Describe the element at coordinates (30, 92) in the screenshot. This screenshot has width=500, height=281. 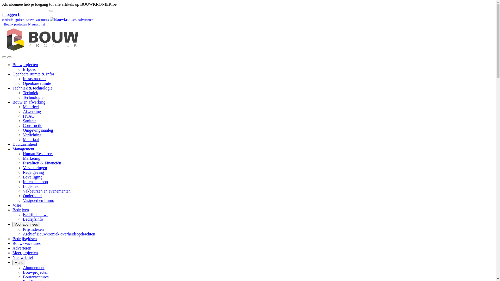
I see `'Techniek'` at that location.